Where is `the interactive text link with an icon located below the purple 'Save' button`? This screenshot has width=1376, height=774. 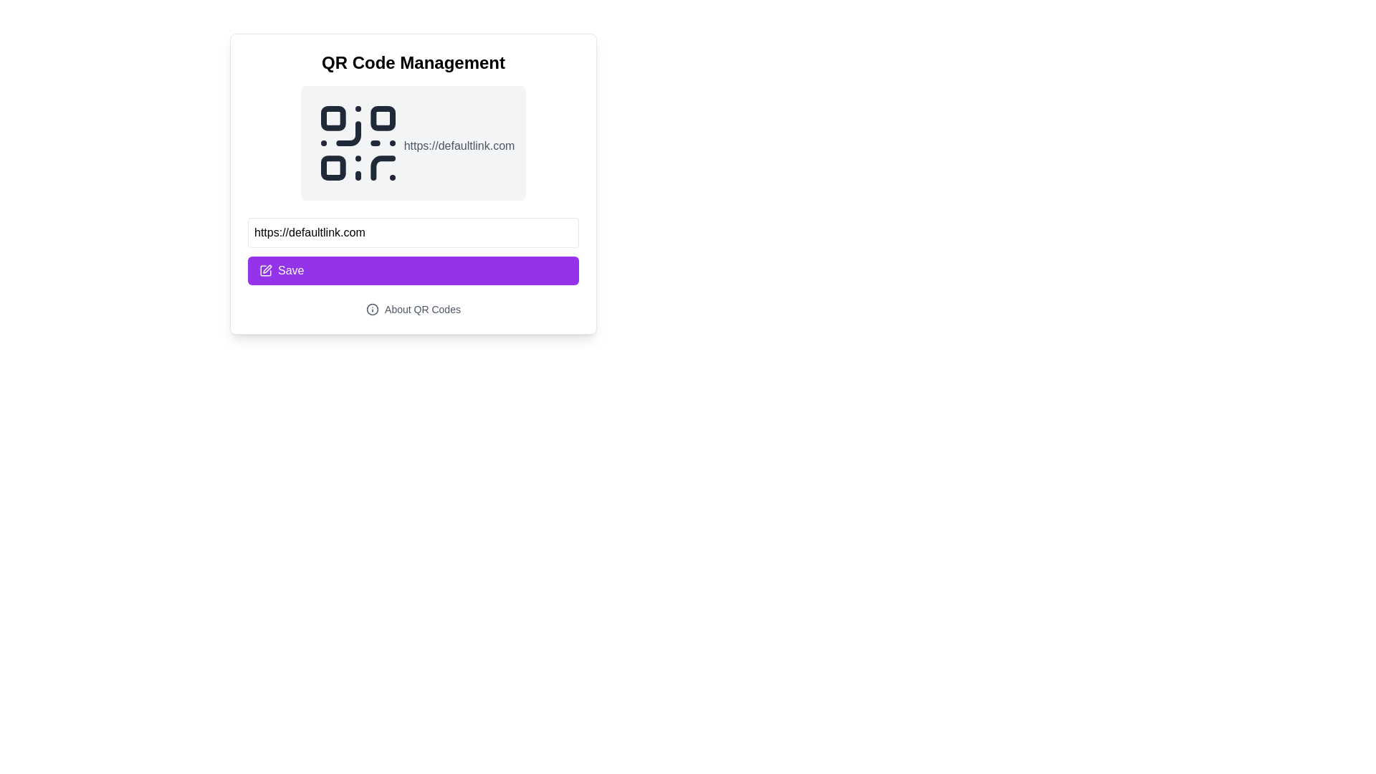 the interactive text link with an icon located below the purple 'Save' button is located at coordinates (412, 309).